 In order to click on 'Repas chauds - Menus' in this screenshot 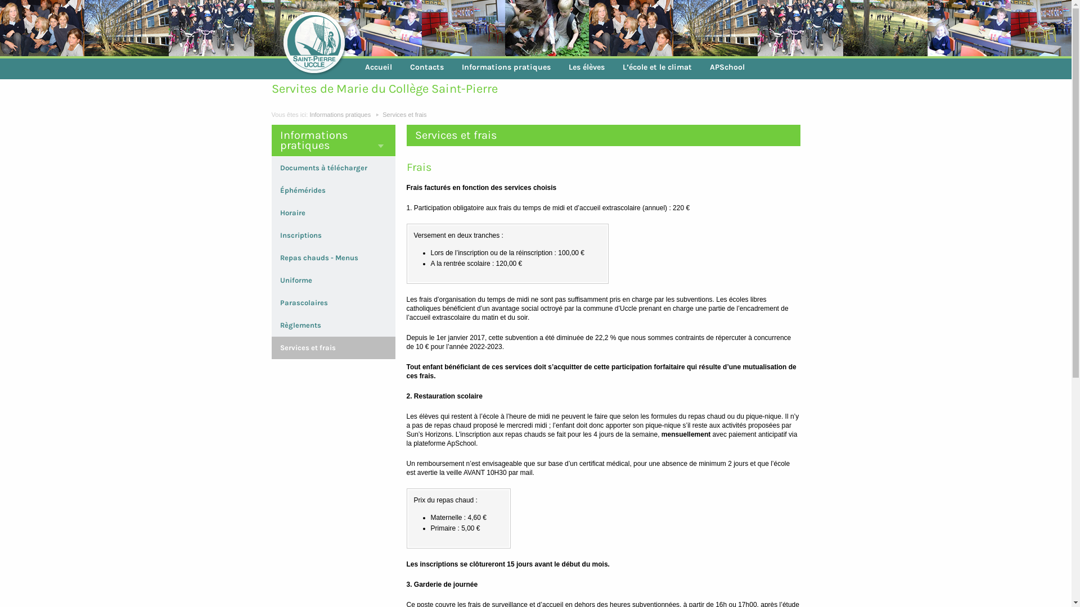, I will do `click(318, 257)`.